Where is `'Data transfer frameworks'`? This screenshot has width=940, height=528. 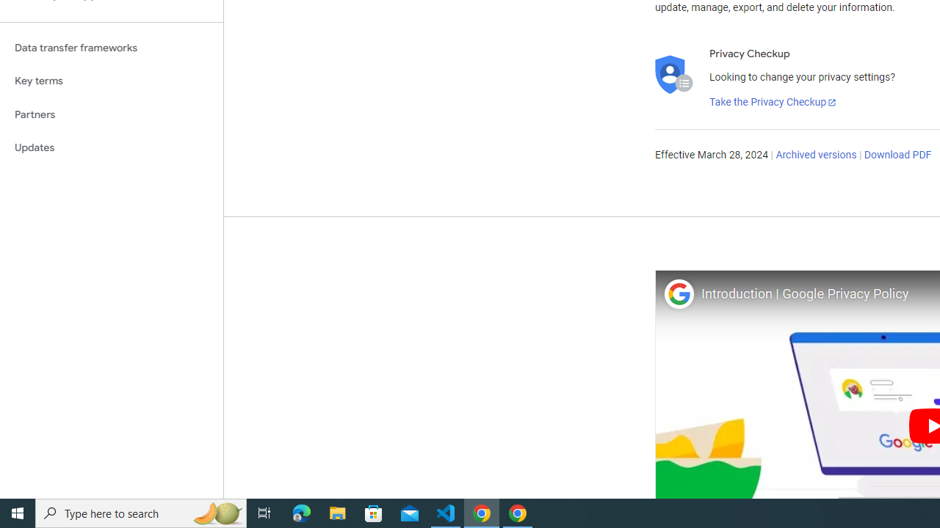
'Data transfer frameworks' is located at coordinates (111, 47).